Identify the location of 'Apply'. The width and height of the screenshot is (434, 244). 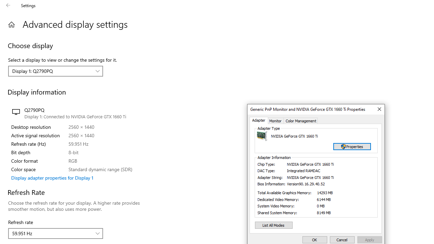
(369, 239).